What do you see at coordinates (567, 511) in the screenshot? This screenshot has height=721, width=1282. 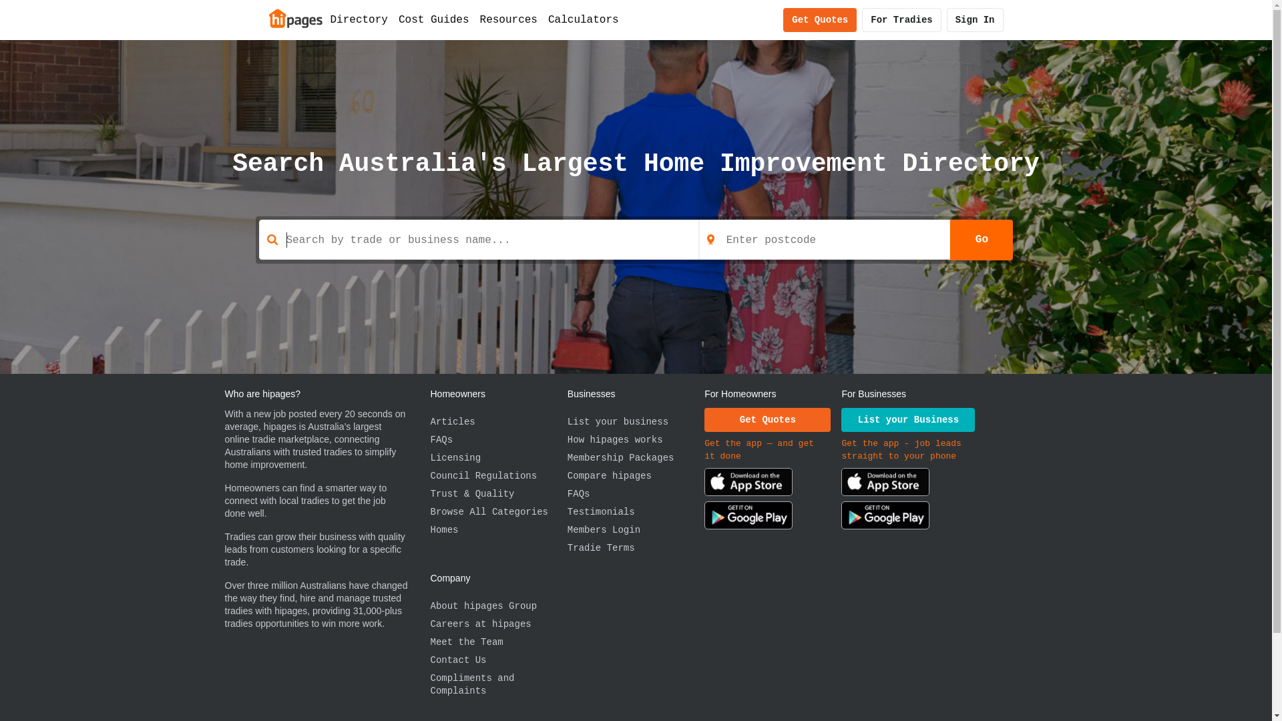 I see `'Testimonials'` at bounding box center [567, 511].